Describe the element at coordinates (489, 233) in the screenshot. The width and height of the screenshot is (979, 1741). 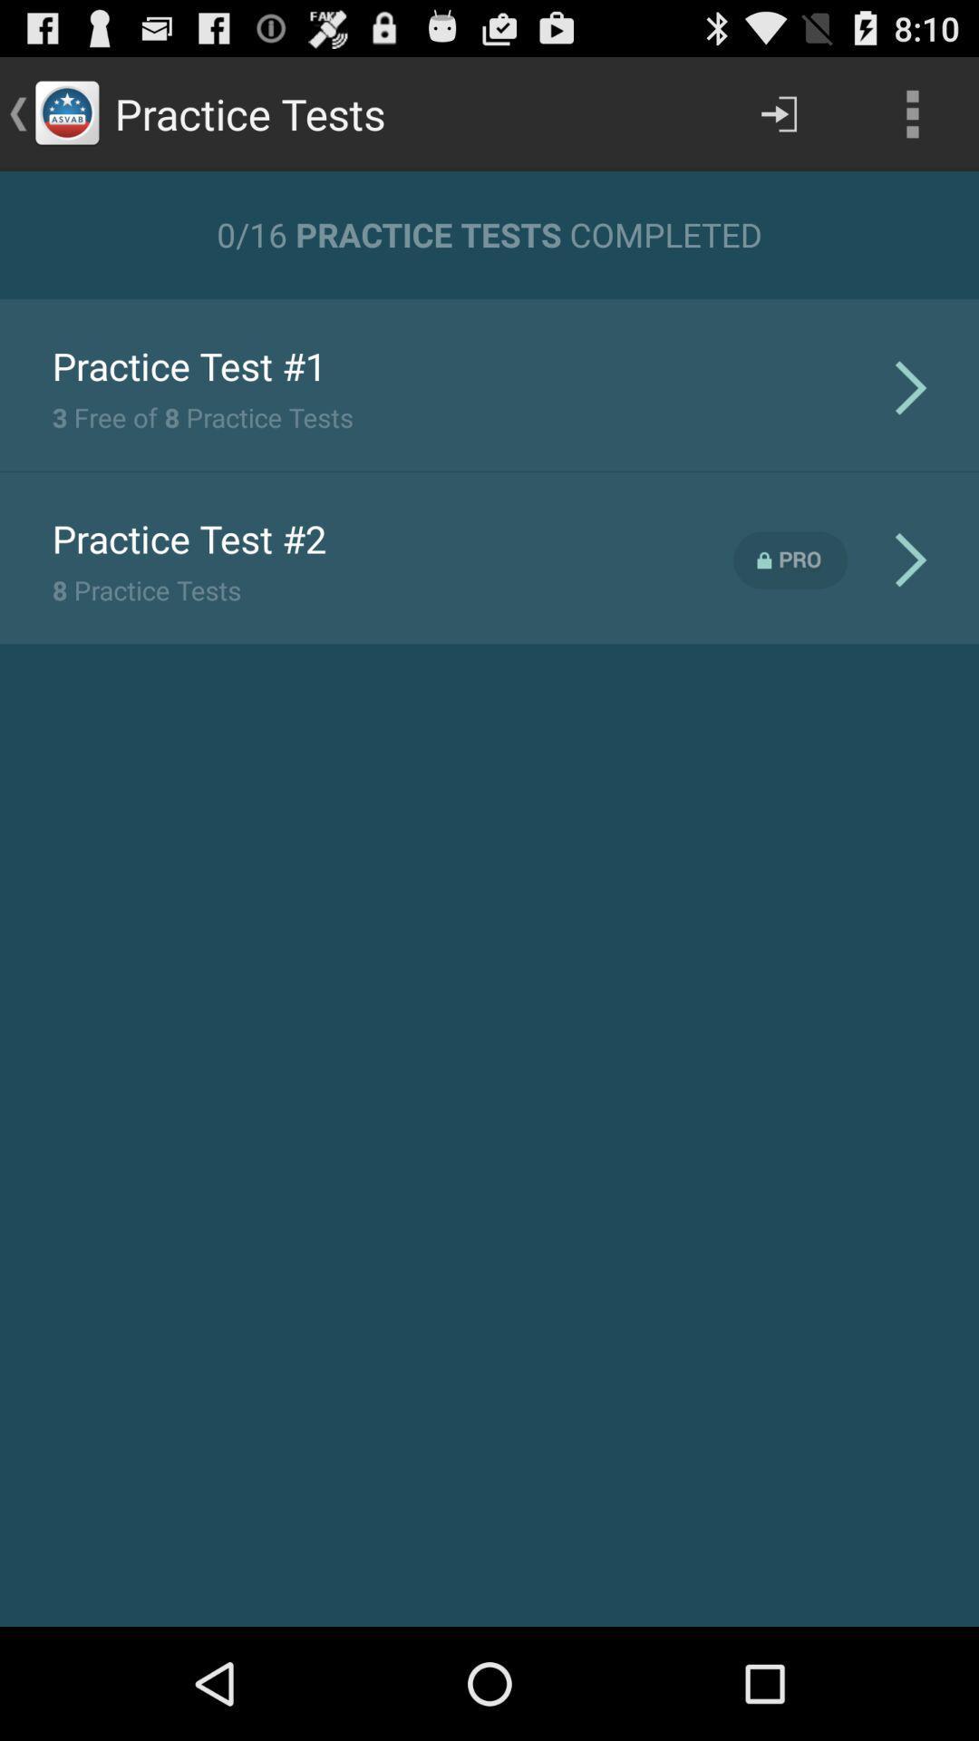
I see `0 16 practice item` at that location.